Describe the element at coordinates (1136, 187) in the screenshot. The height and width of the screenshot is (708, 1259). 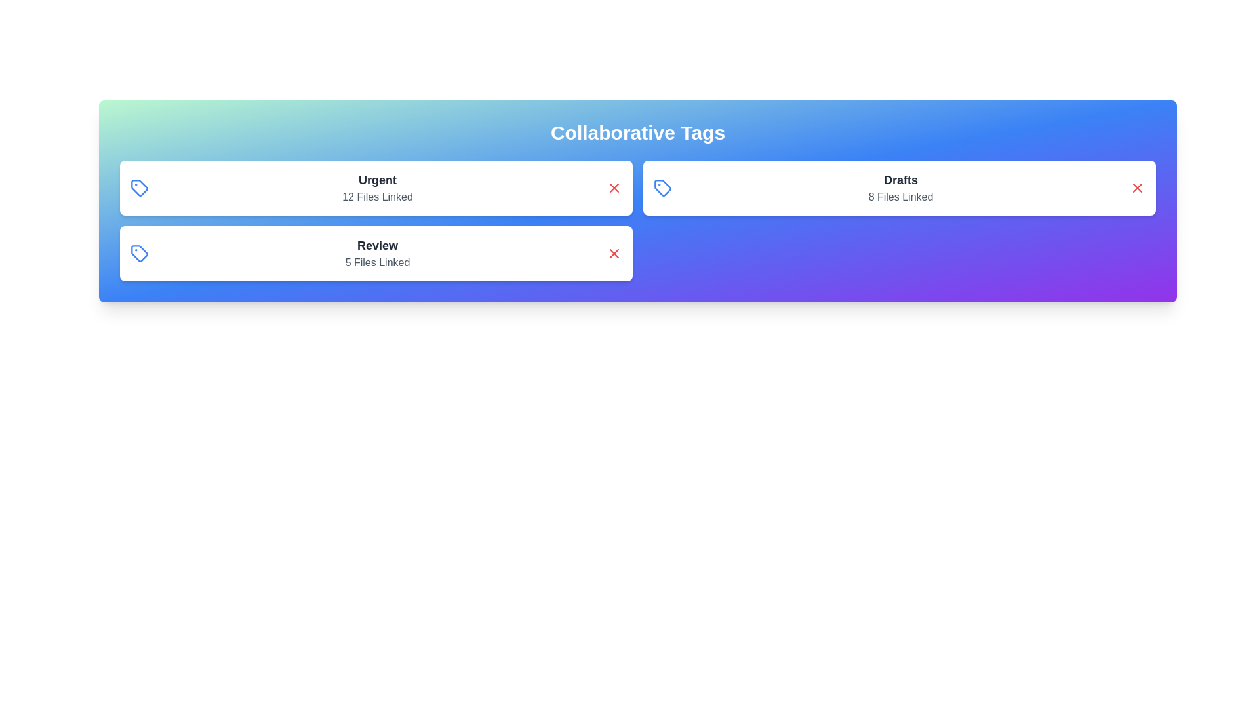
I see `the 'X' button next to the tag named Drafts to remove it` at that location.